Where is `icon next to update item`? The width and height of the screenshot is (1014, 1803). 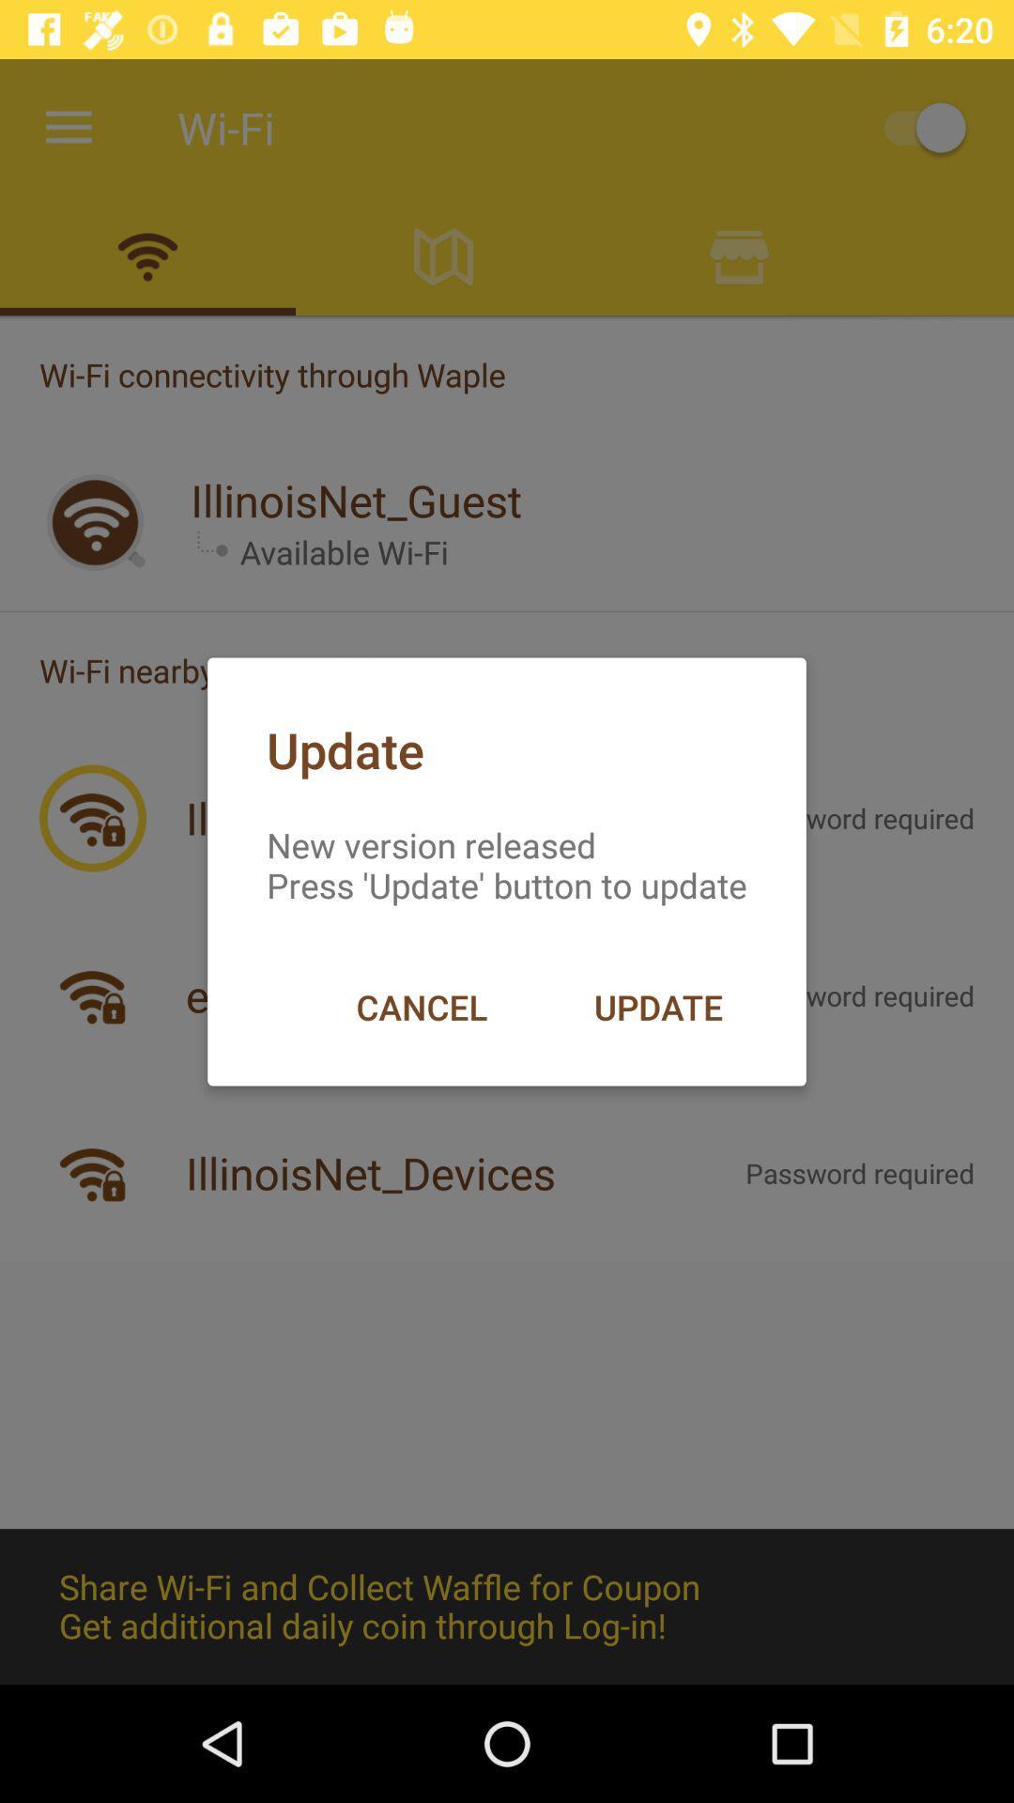
icon next to update item is located at coordinates (421, 1006).